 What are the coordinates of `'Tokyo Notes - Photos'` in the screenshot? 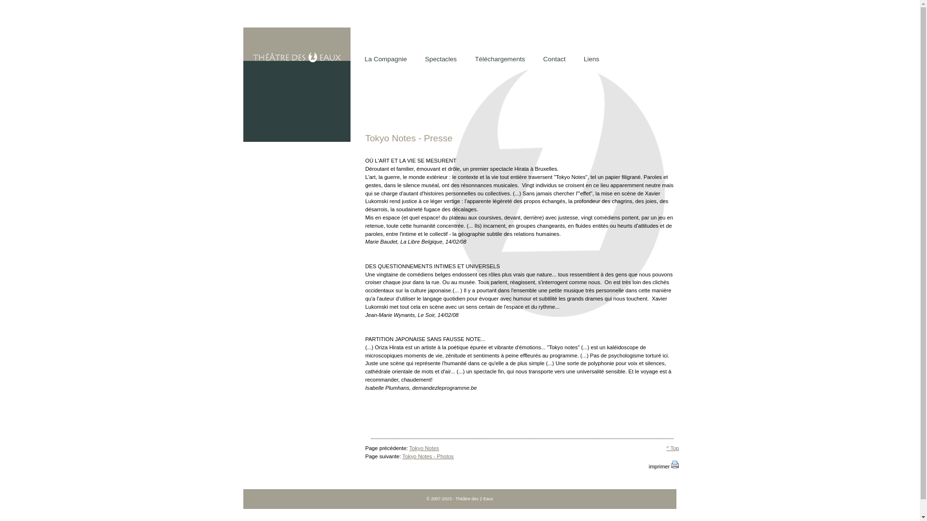 It's located at (427, 456).